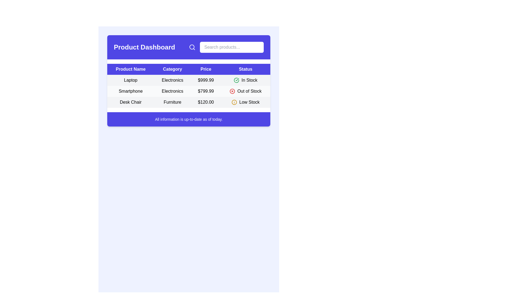 The image size is (528, 297). I want to click on related details within the first product row in the table that displays 'Laptop' under 'Product Name', 'Electronics' under 'Category', '$999.99' under 'Price', and 'In Stock' under 'Status' if hyperlinks are present, so click(189, 80).